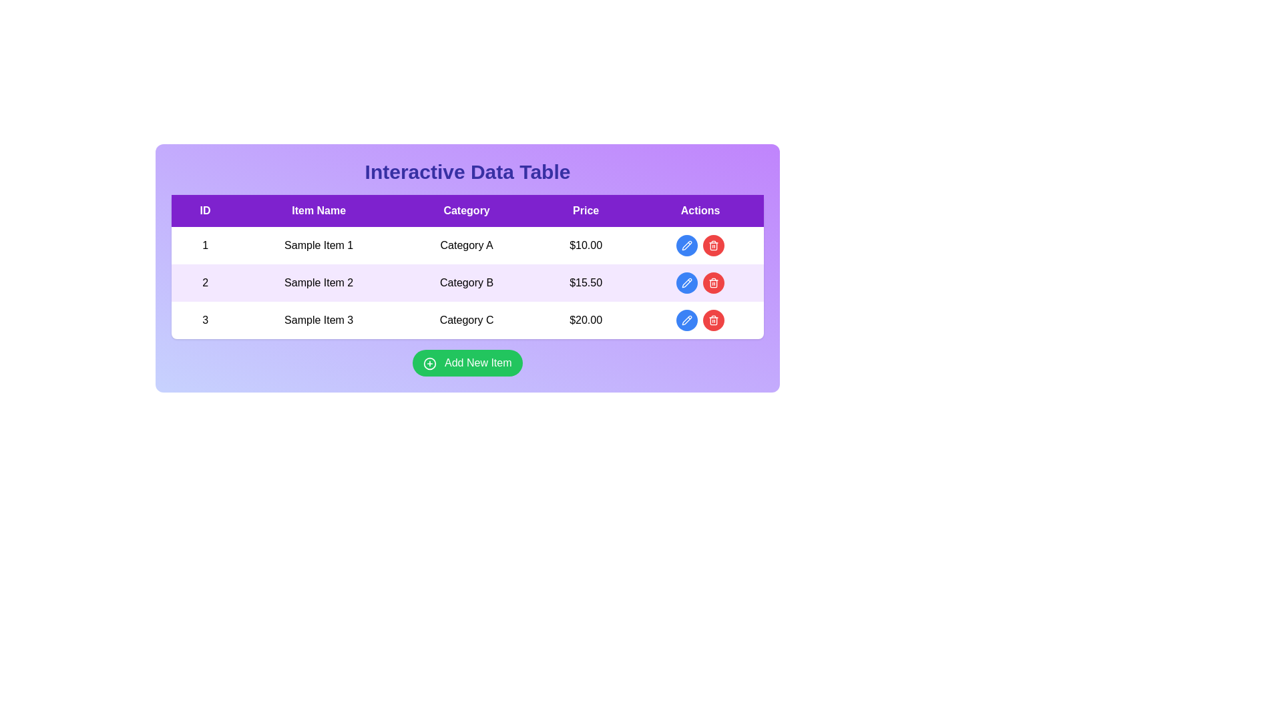  What do you see at coordinates (700, 282) in the screenshot?
I see `the content of the blank cell located in the 'Actions' column of the second row in the table, which is surrounded by an edit button on the left and a delete button on the right` at bounding box center [700, 282].